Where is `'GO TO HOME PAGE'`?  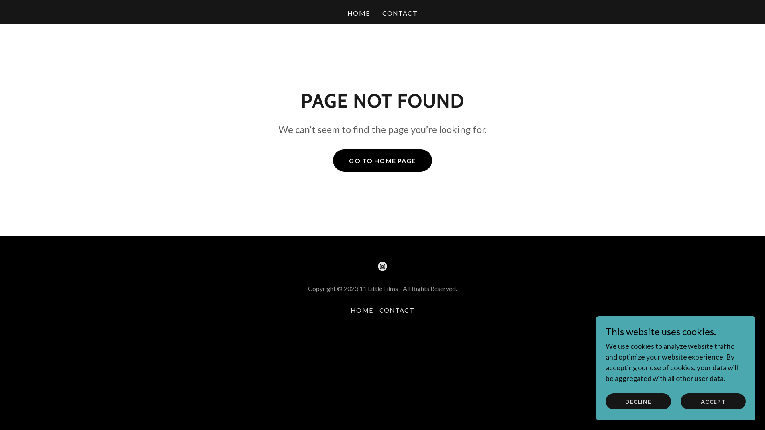 'GO TO HOME PAGE' is located at coordinates (333, 160).